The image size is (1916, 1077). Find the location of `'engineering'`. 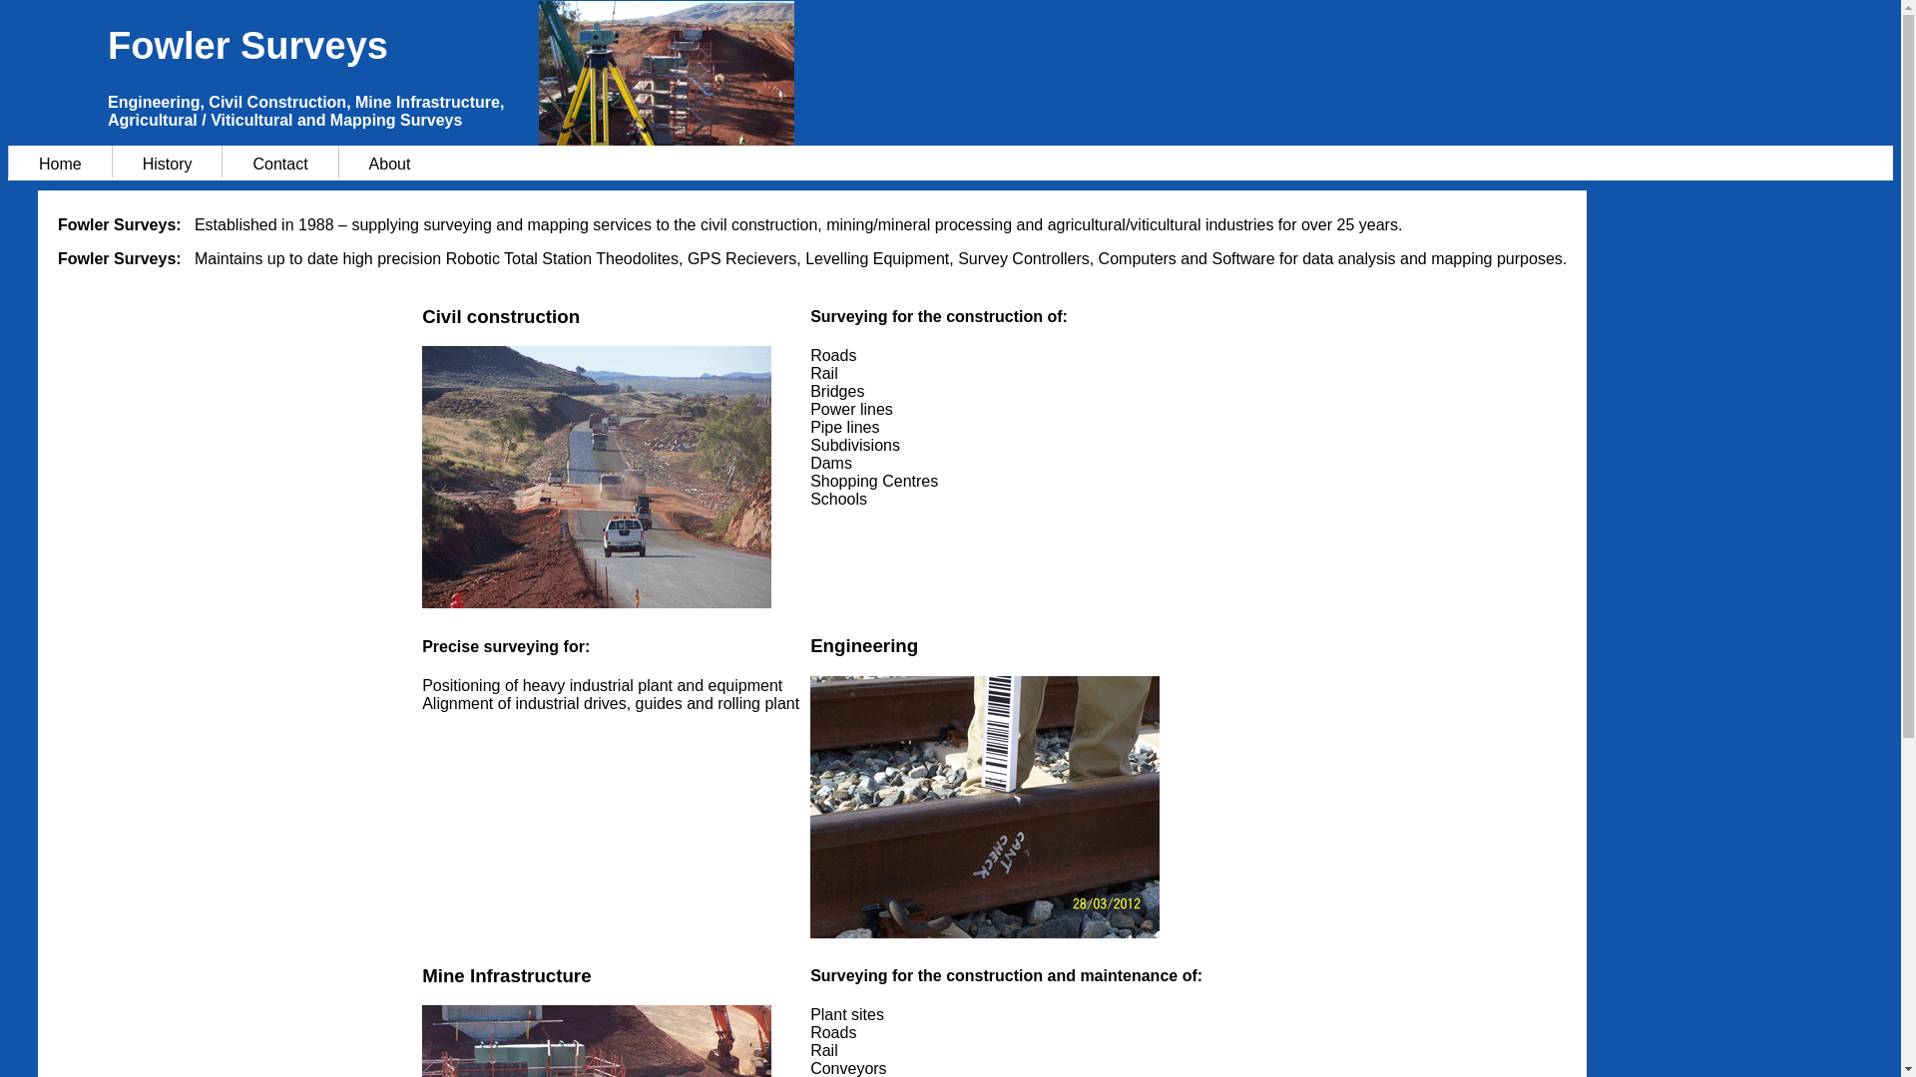

'engineering' is located at coordinates (985, 806).